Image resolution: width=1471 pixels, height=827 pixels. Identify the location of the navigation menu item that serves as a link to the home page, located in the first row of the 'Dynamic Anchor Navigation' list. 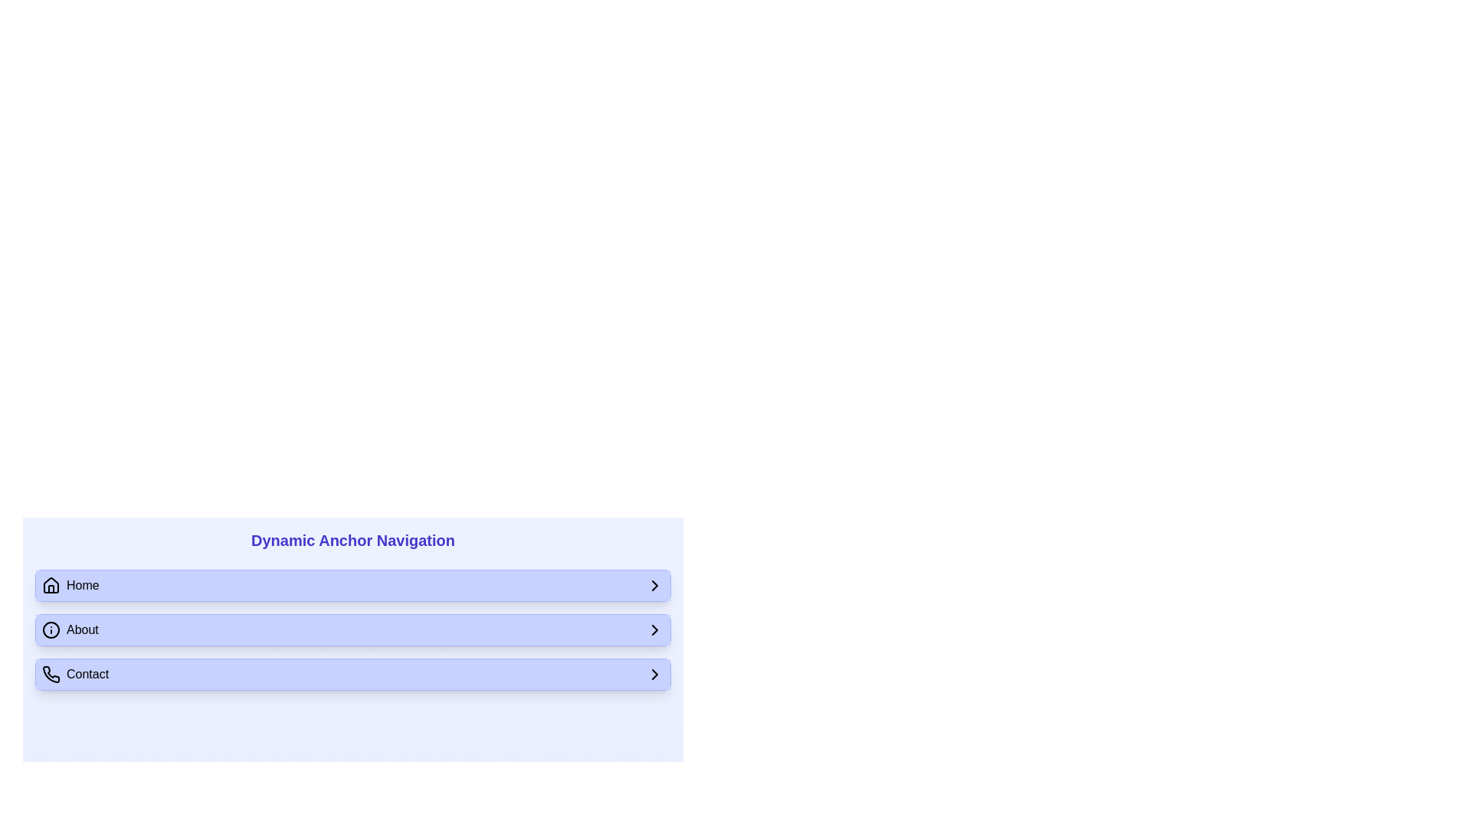
(70, 585).